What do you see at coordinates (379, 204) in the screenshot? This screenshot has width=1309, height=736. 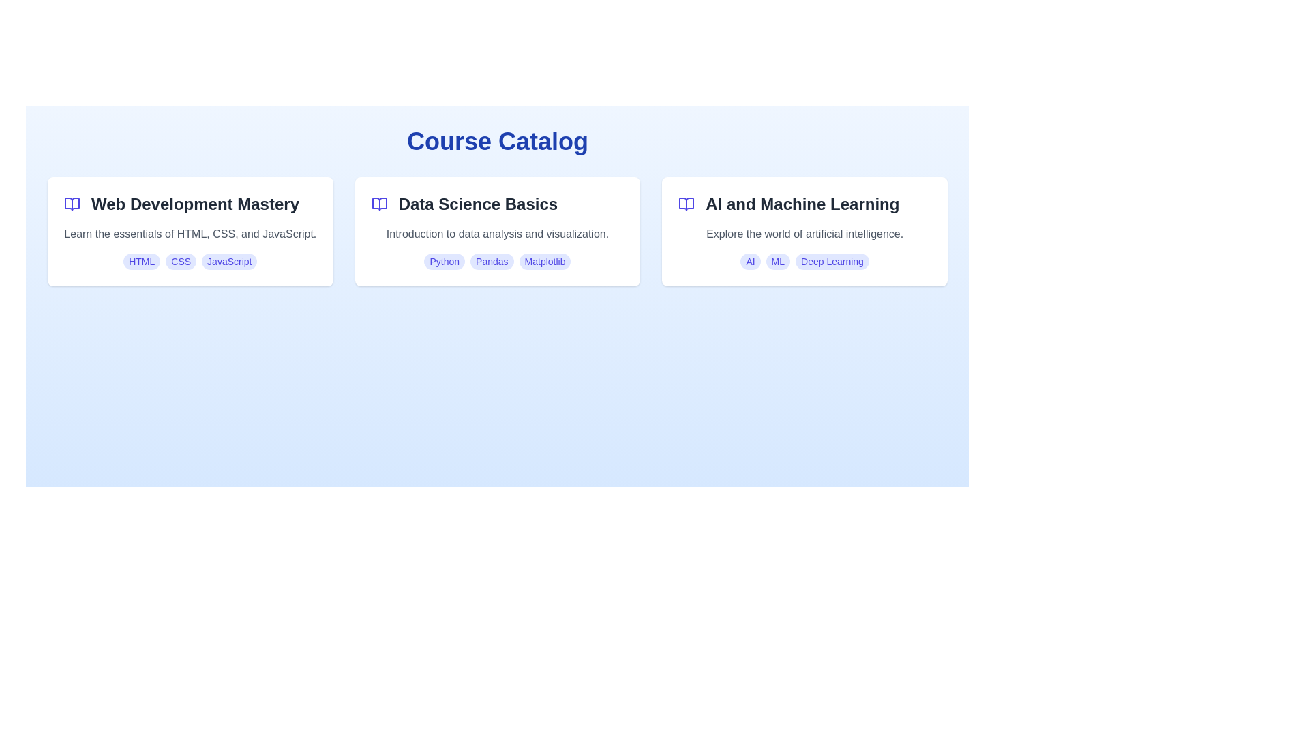 I see `the open book icon located within the 'Data Science Basics' card, positioned to the left of the title text 'Data Science Basics'` at bounding box center [379, 204].